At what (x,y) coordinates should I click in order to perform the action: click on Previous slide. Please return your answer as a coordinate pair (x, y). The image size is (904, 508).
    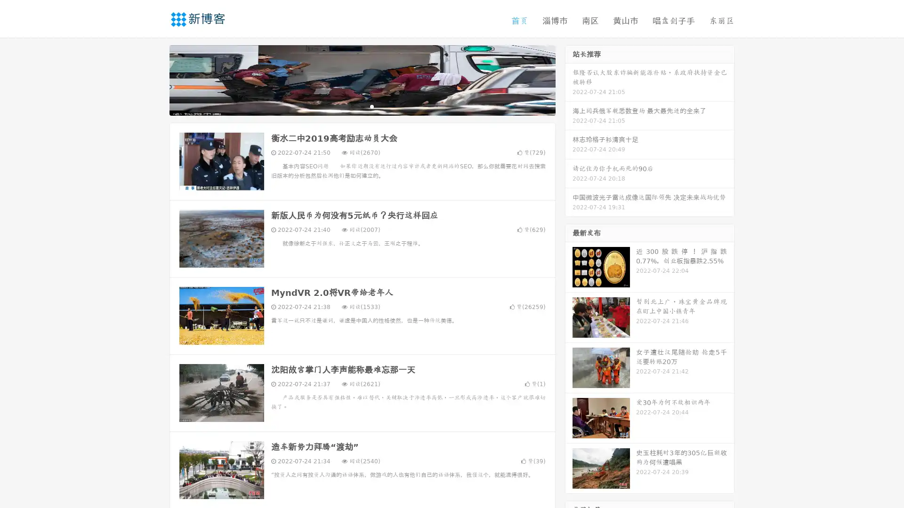
    Looking at the image, I should click on (155, 79).